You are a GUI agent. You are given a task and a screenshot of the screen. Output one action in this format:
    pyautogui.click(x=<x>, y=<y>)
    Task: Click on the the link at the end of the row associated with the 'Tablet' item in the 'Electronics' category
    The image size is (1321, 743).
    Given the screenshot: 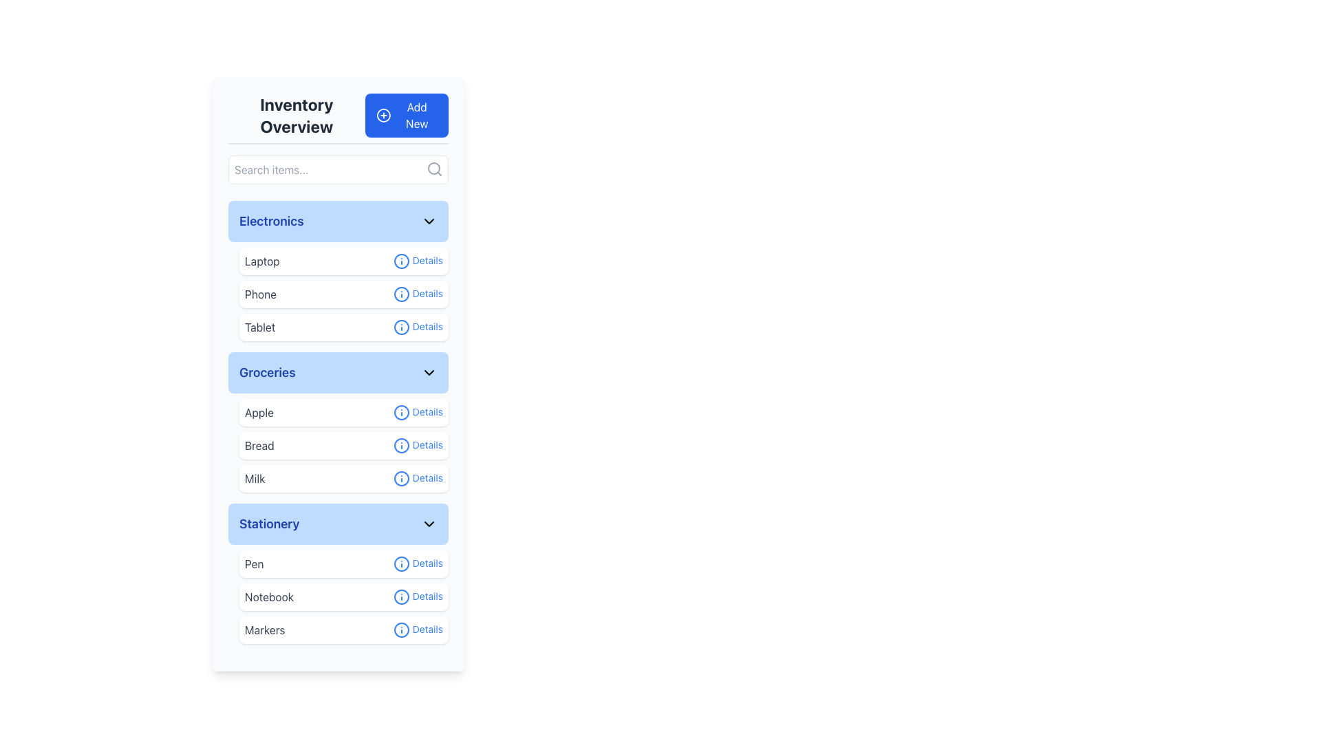 What is the action you would take?
    pyautogui.click(x=417, y=327)
    